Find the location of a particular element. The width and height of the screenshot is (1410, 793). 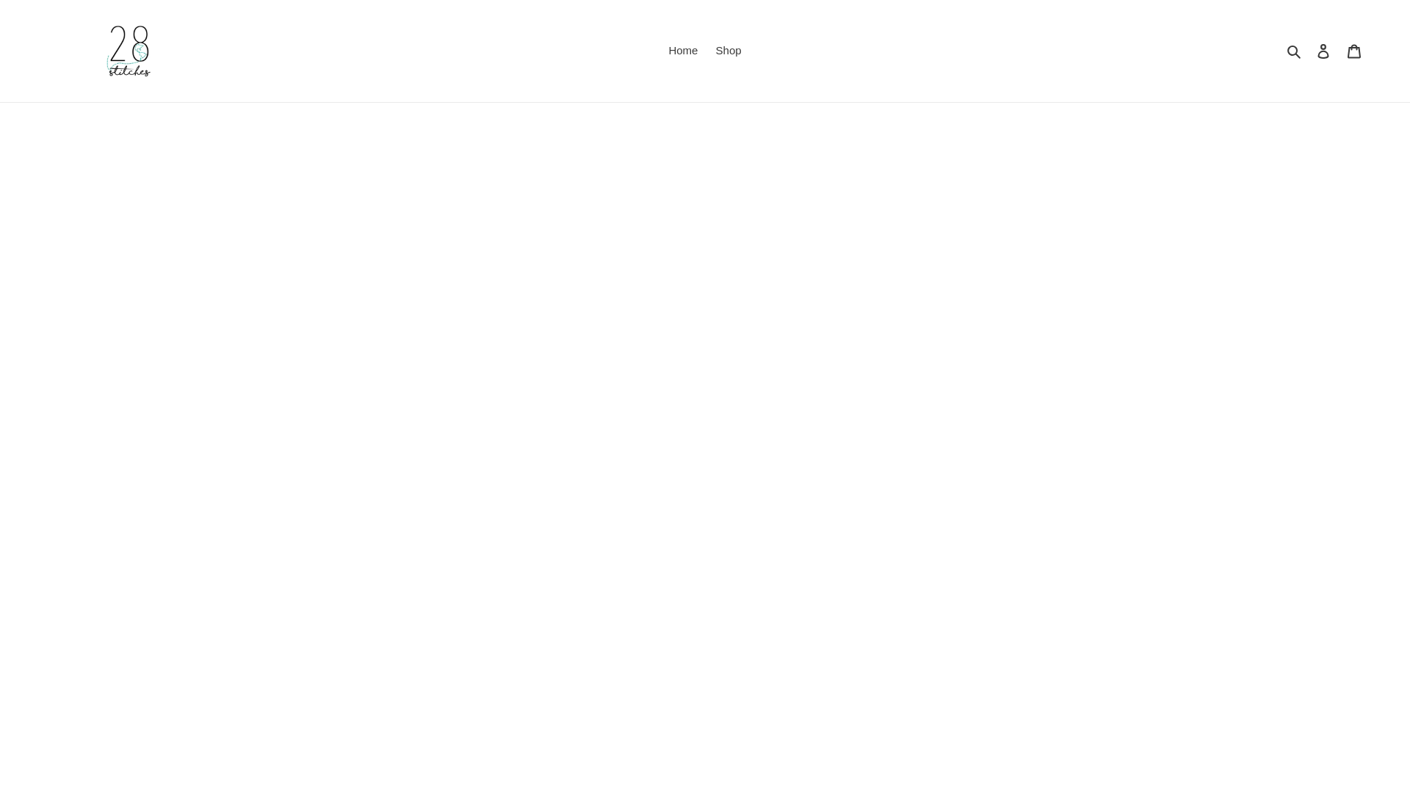

'Log in' is located at coordinates (1323, 50).